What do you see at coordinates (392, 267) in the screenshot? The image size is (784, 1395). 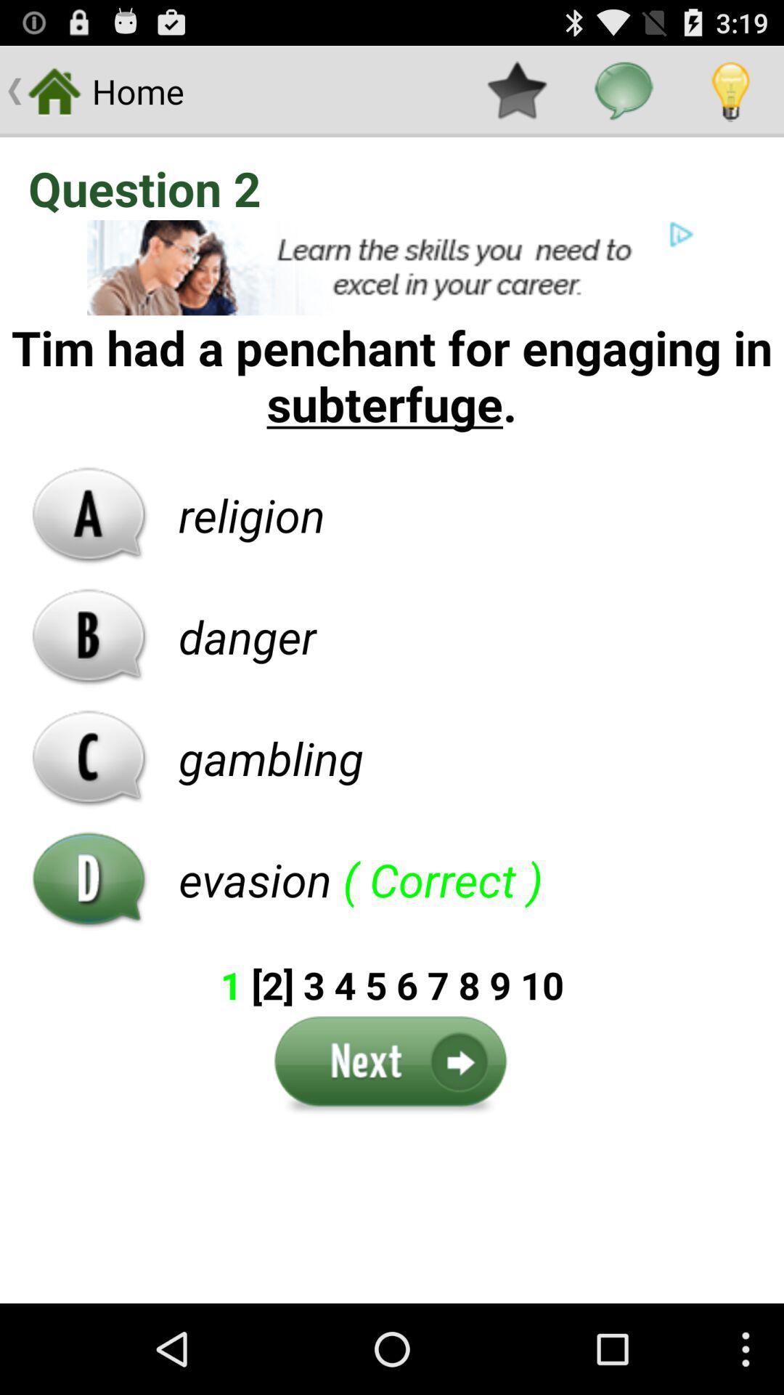 I see `see an advertisement` at bounding box center [392, 267].